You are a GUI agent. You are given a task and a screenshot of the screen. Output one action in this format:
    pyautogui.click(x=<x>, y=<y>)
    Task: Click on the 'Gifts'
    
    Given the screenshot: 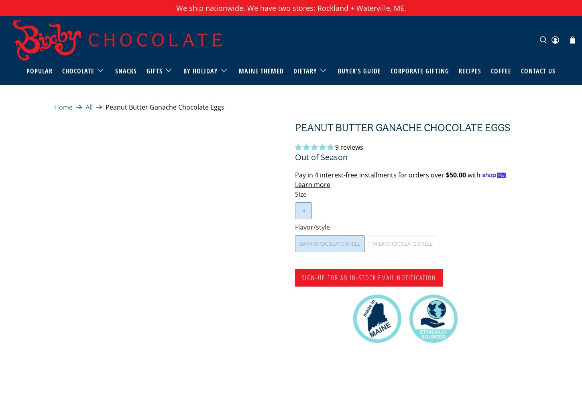 What is the action you would take?
    pyautogui.click(x=154, y=70)
    